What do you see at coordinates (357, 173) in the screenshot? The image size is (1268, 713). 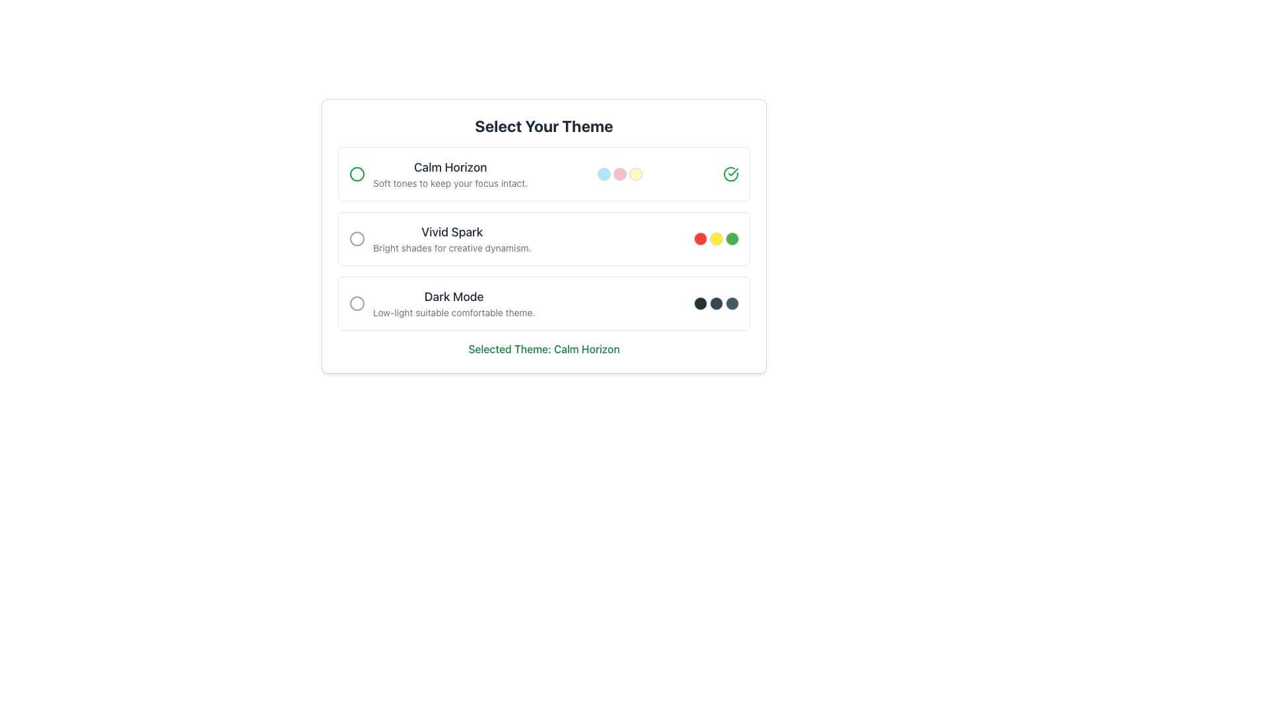 I see `the circular icon located at the top-left corner of the 'Calm Horizon' theme option` at bounding box center [357, 173].